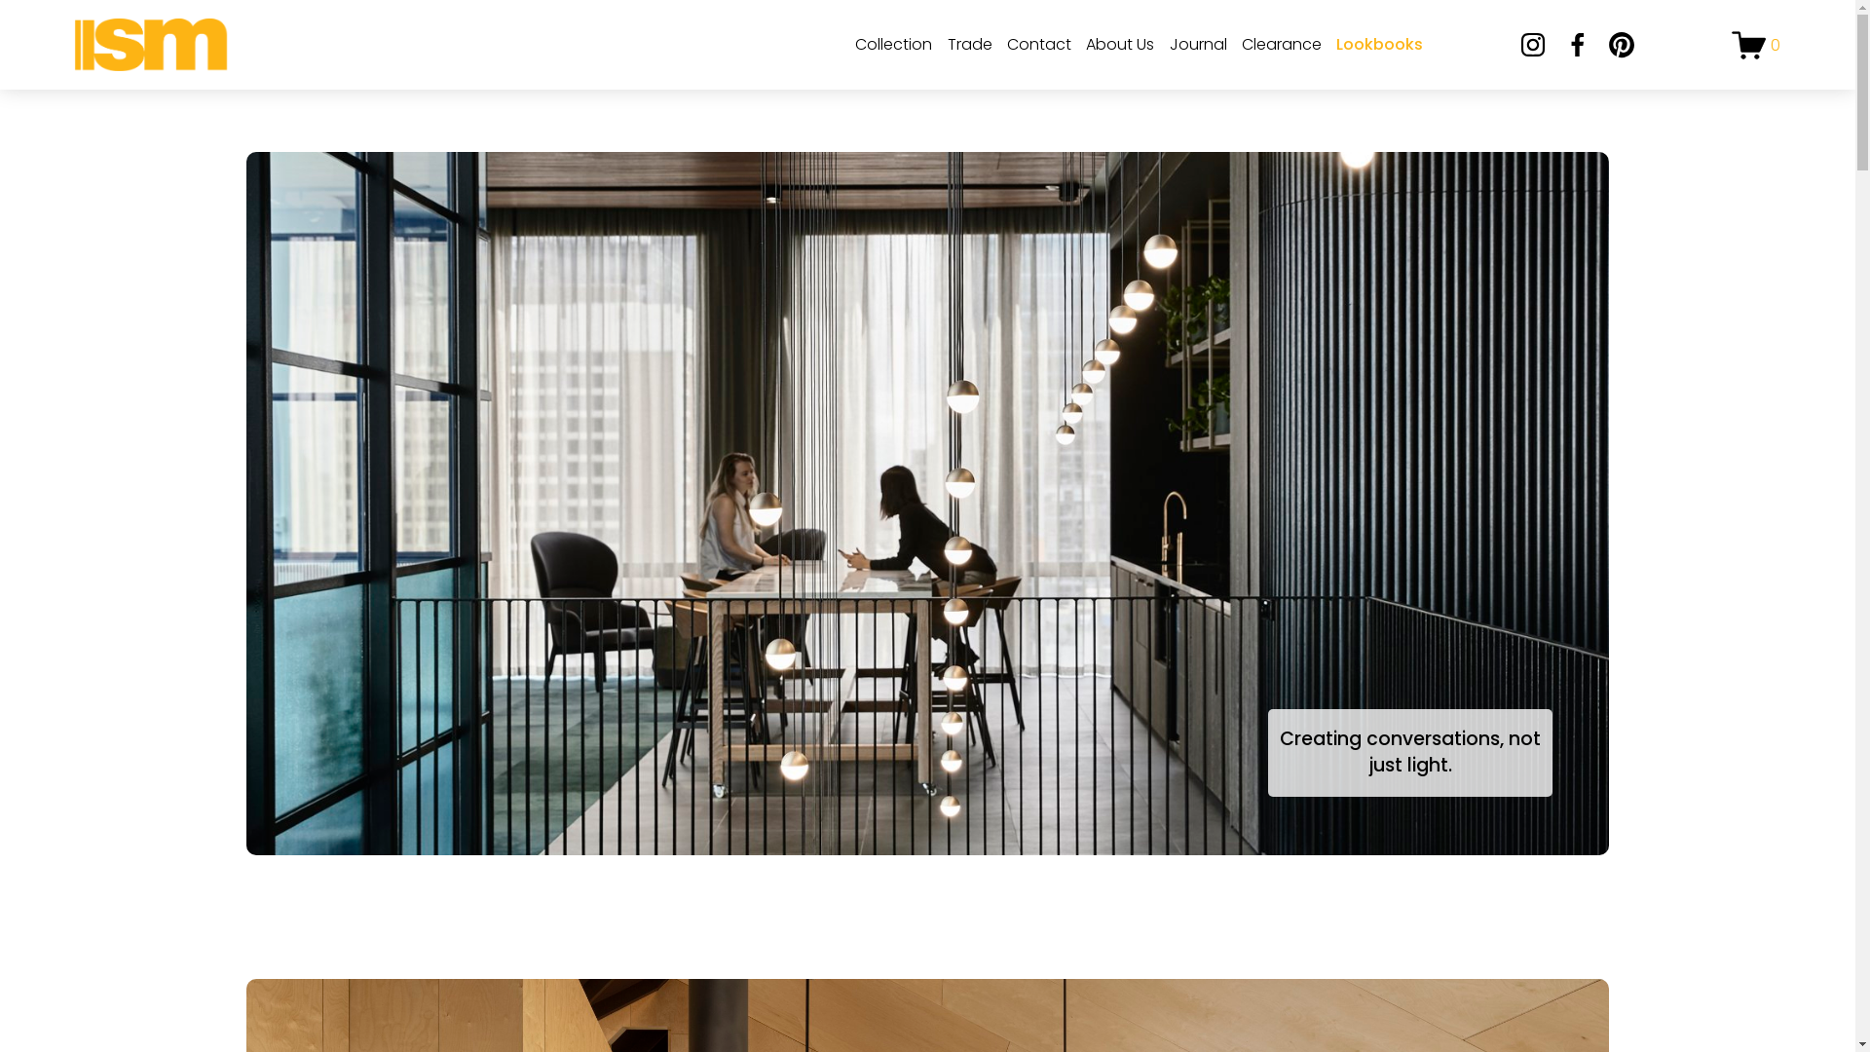 The height and width of the screenshot is (1052, 1870). I want to click on '0', so click(1731, 44).